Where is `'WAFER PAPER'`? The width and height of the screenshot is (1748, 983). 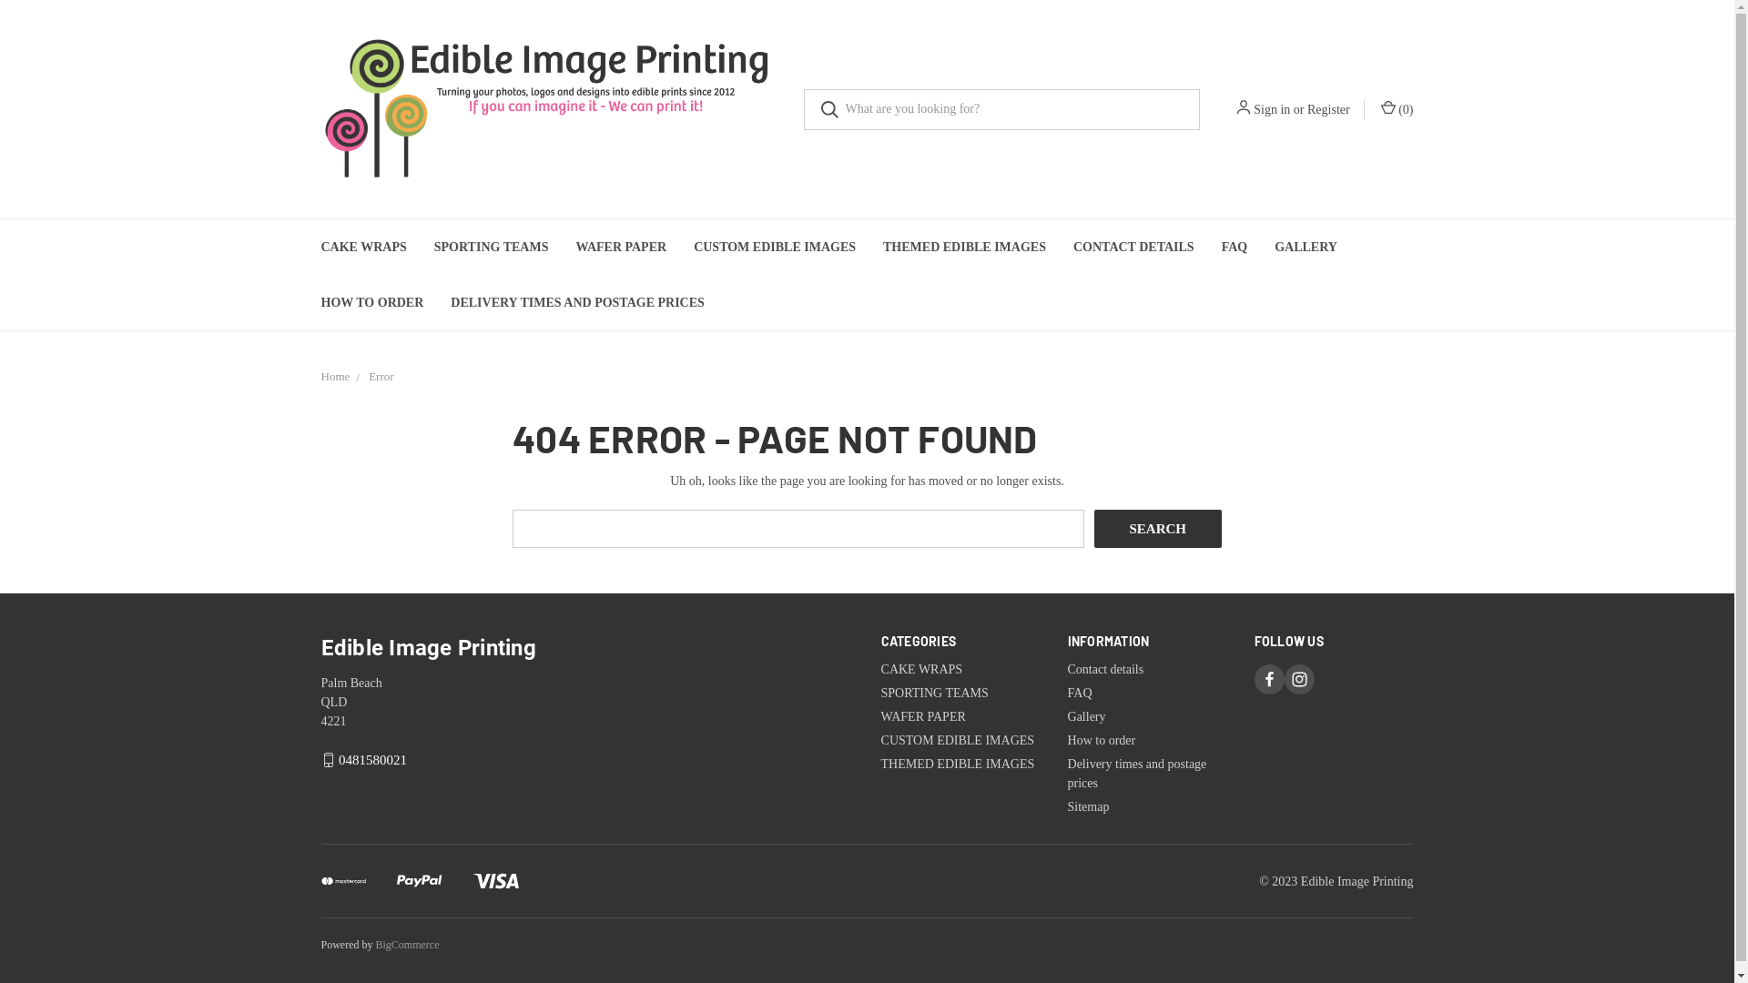 'WAFER PAPER' is located at coordinates (620, 247).